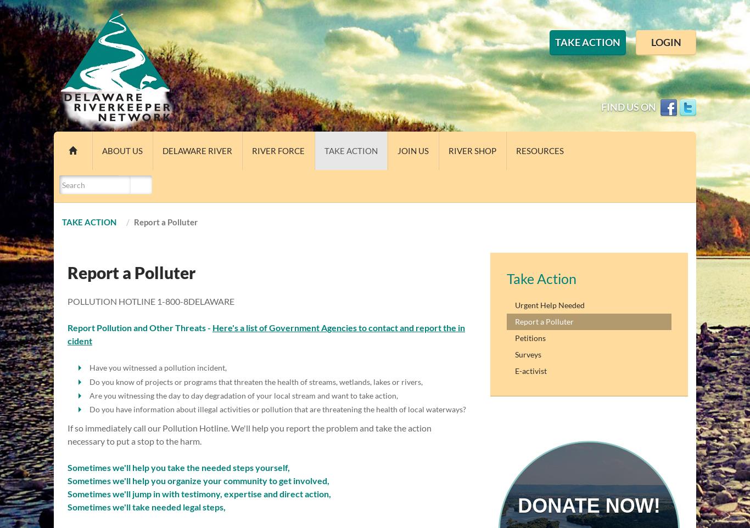 Image resolution: width=750 pixels, height=528 pixels. Describe the element at coordinates (180, 467) in the screenshot. I see `'Sometimes we'll help you take the needed steps yourself,'` at that location.